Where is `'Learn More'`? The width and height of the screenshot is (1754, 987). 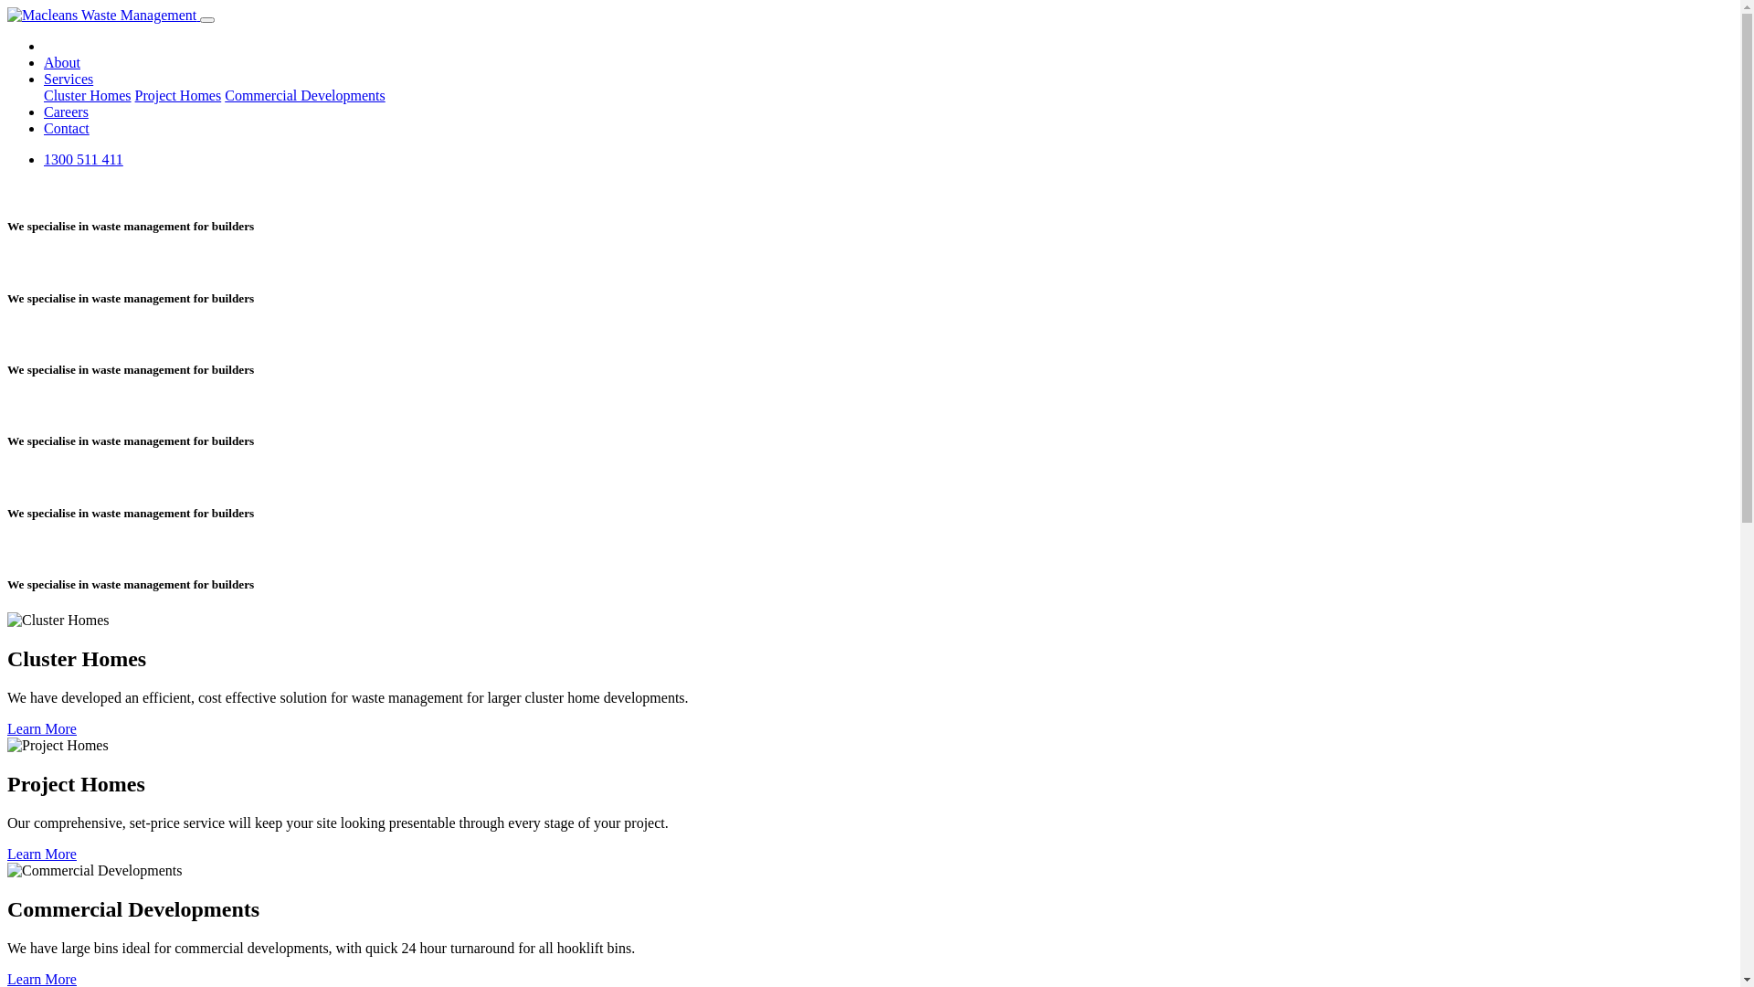 'Learn More' is located at coordinates (42, 977).